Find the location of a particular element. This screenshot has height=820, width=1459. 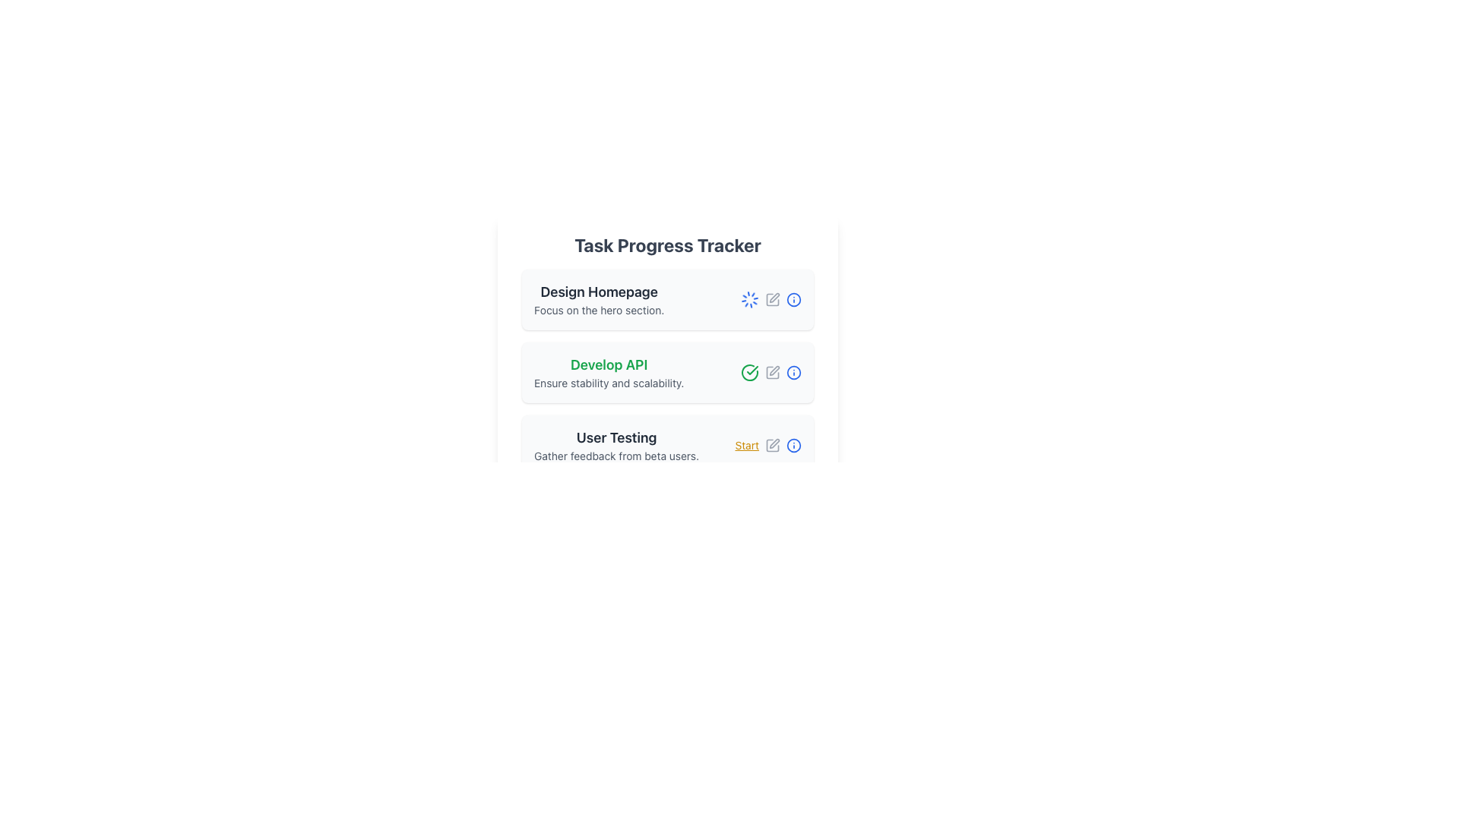

descriptive text element located immediately below the 'Design Homepage' heading, which provides additional guidance for the task is located at coordinates (598, 309).